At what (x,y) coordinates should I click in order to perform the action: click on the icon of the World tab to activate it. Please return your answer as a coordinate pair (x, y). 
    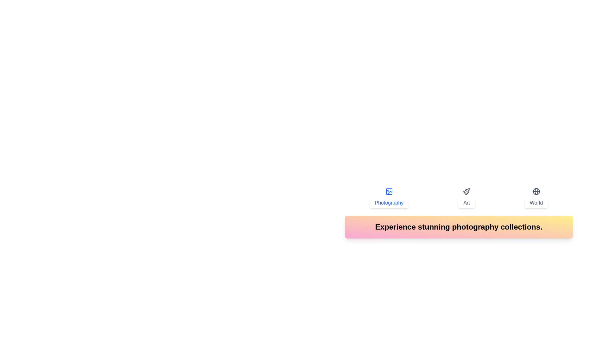
    Looking at the image, I should click on (536, 191).